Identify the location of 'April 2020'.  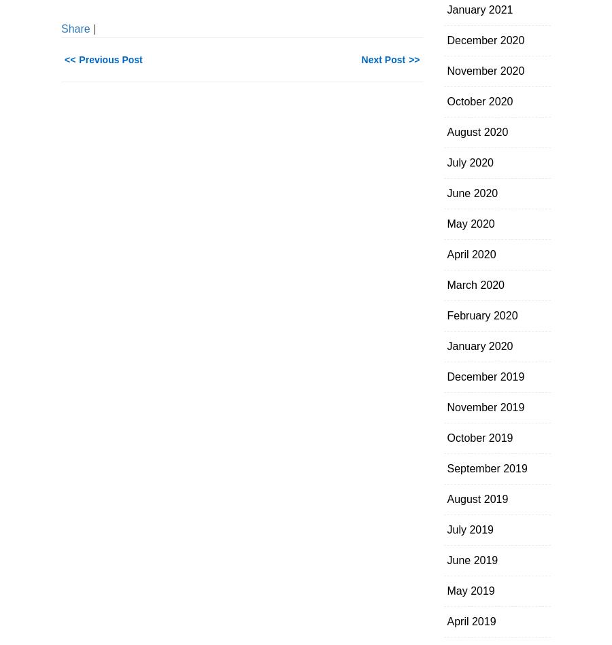
(471, 254).